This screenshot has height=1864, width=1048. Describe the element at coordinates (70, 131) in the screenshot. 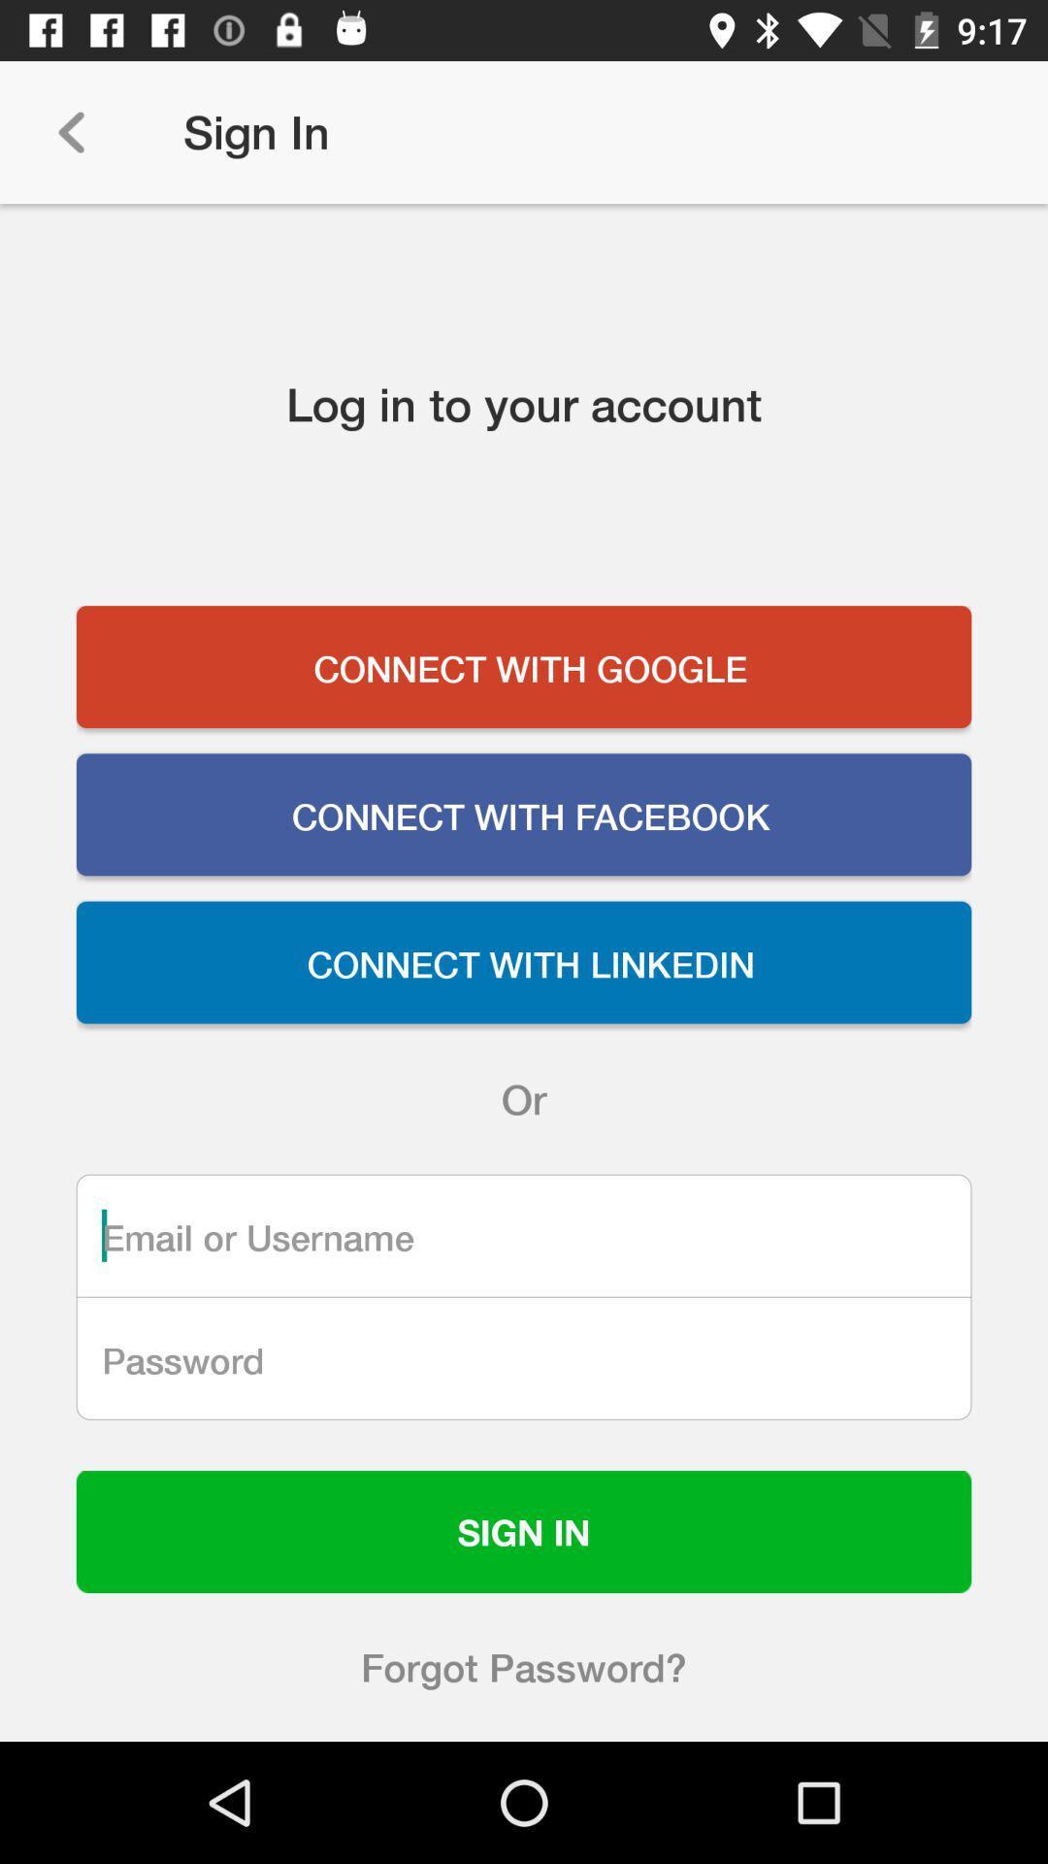

I see `icon above the log in to` at that location.